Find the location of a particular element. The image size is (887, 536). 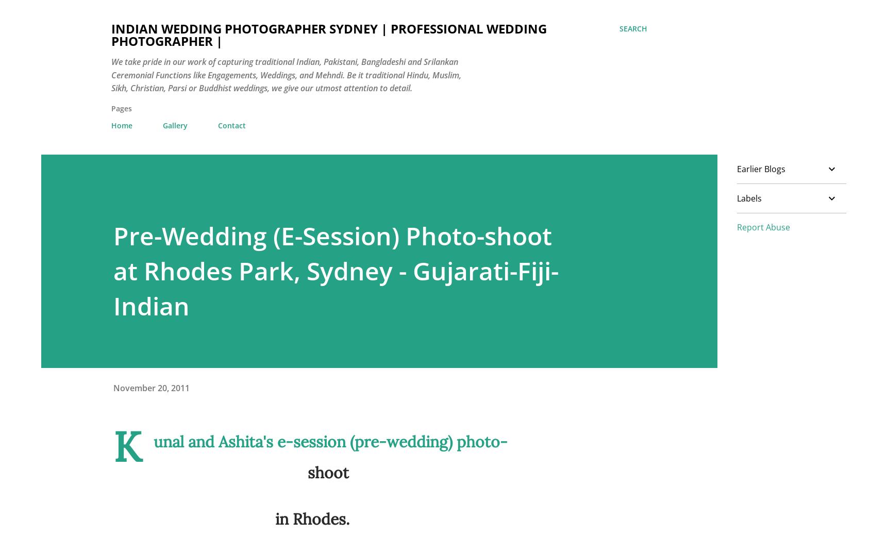

'Kunal and Ashita's e-session (pre-wedding) photo-shoot' is located at coordinates (113, 450).